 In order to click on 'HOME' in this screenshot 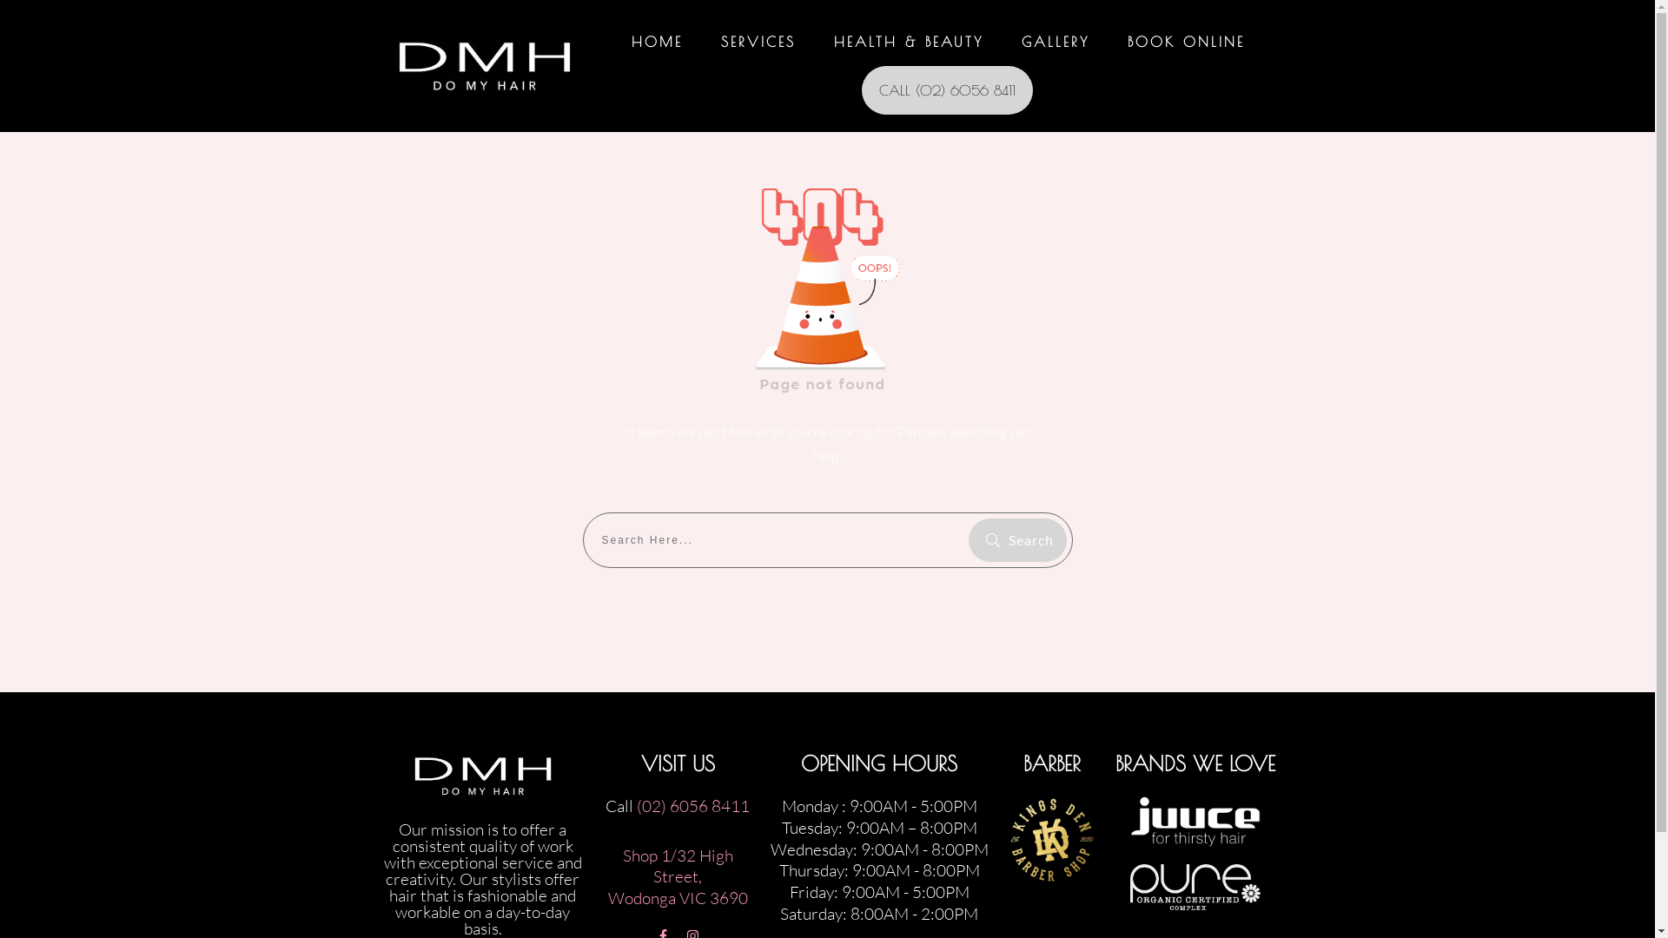, I will do `click(656, 40)`.